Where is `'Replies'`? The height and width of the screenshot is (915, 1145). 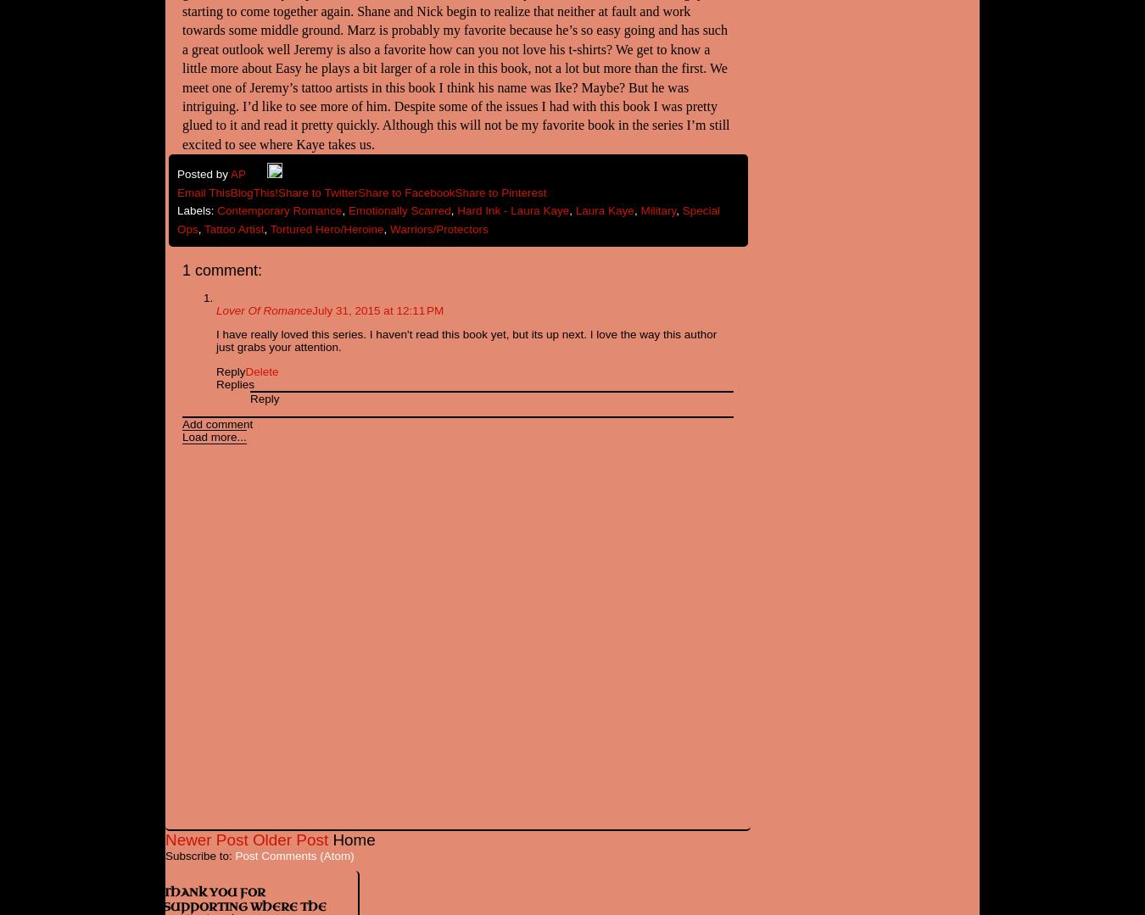 'Replies' is located at coordinates (234, 383).